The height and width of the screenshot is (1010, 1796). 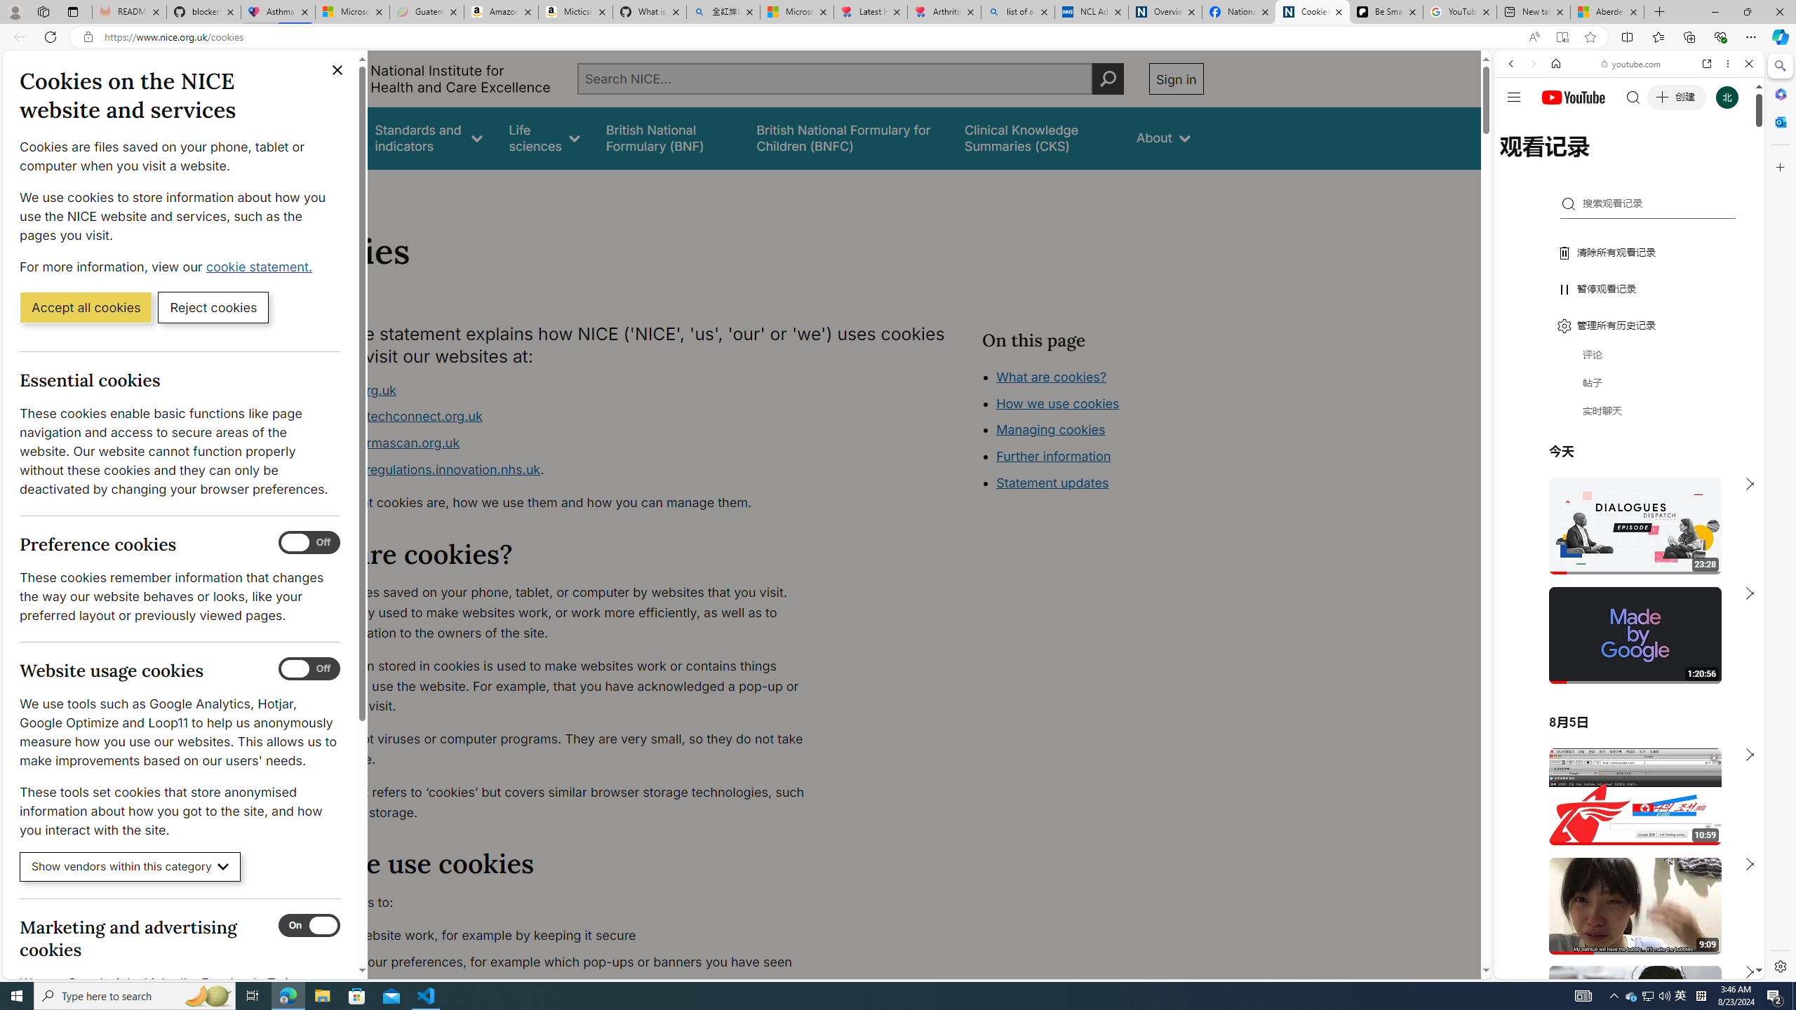 I want to click on 'Class: b_serphb', so click(x=1733, y=161).